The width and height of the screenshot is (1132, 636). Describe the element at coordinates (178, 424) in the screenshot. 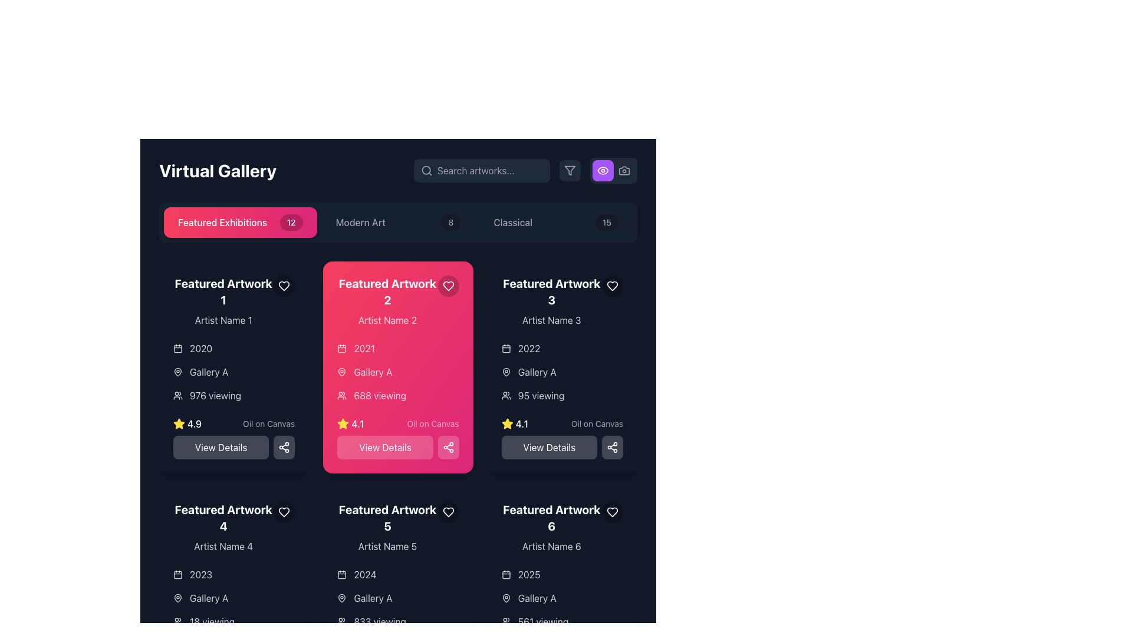

I see `the star rating icon located in the bottom-left corner of the 'Featured Artwork 1' card, which indicates the artwork's popularity or quality` at that location.